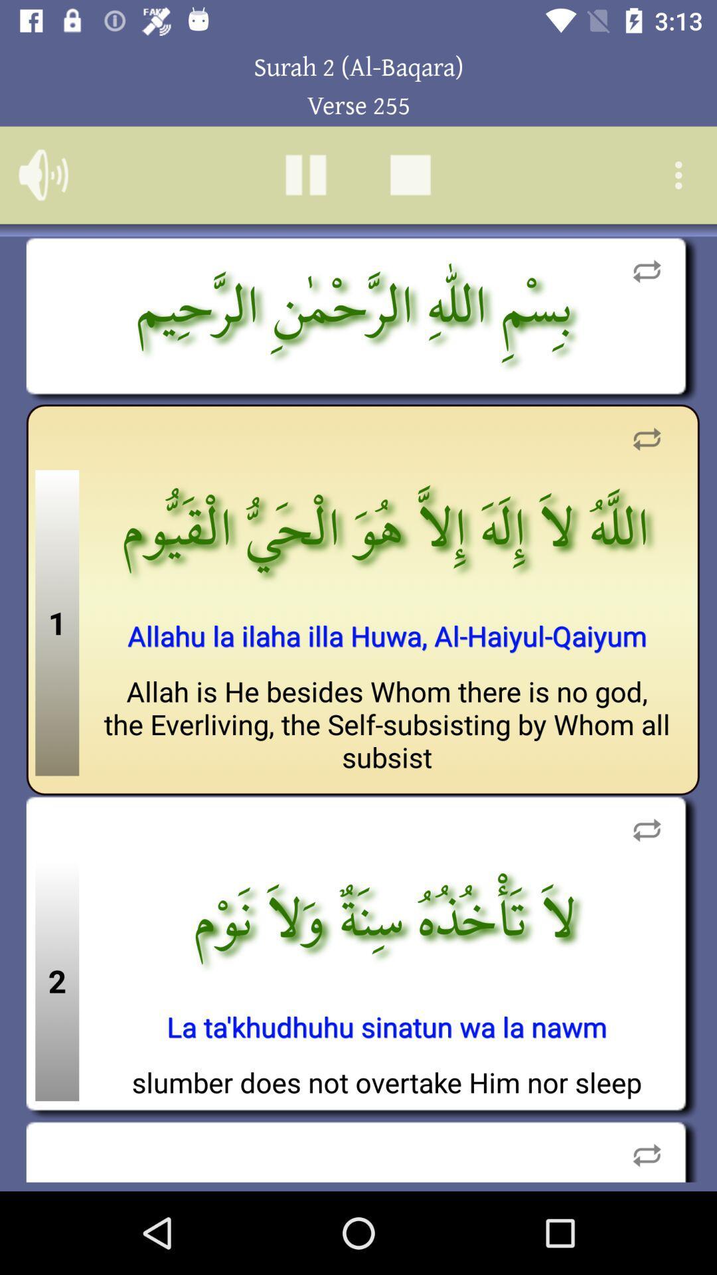 This screenshot has width=717, height=1275. What do you see at coordinates (42, 174) in the screenshot?
I see `speaker button it could be loud speaker or mute button` at bounding box center [42, 174].